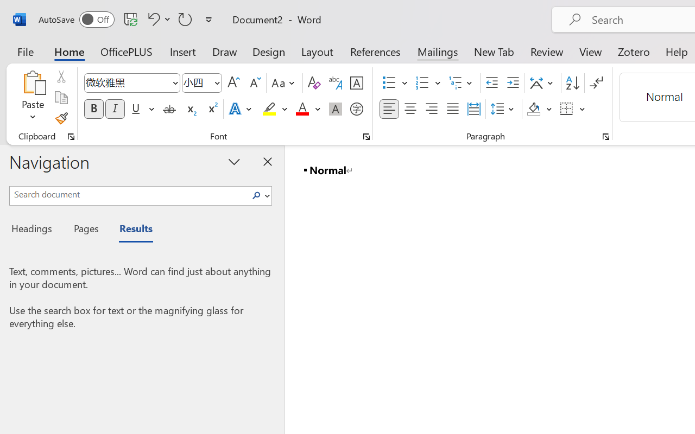 Image resolution: width=695 pixels, height=434 pixels. What do you see at coordinates (141, 109) in the screenshot?
I see `'Underline'` at bounding box center [141, 109].